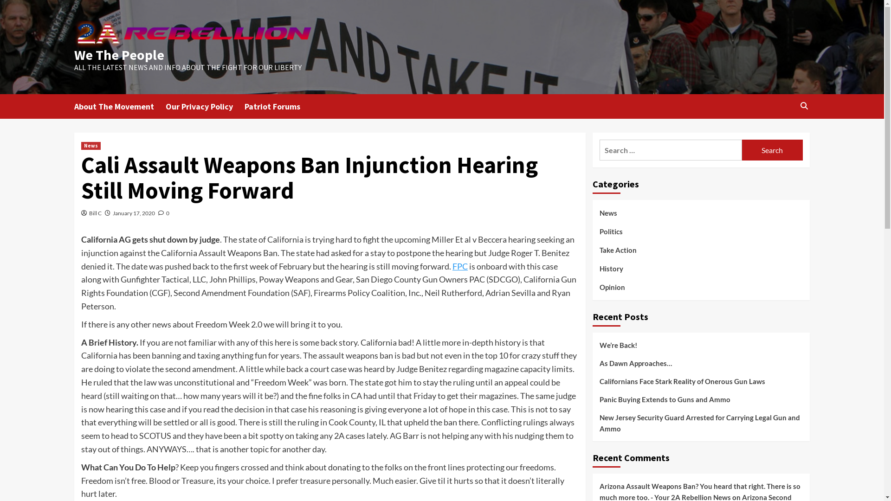 The image size is (891, 501). I want to click on 'Politics', so click(599, 234).